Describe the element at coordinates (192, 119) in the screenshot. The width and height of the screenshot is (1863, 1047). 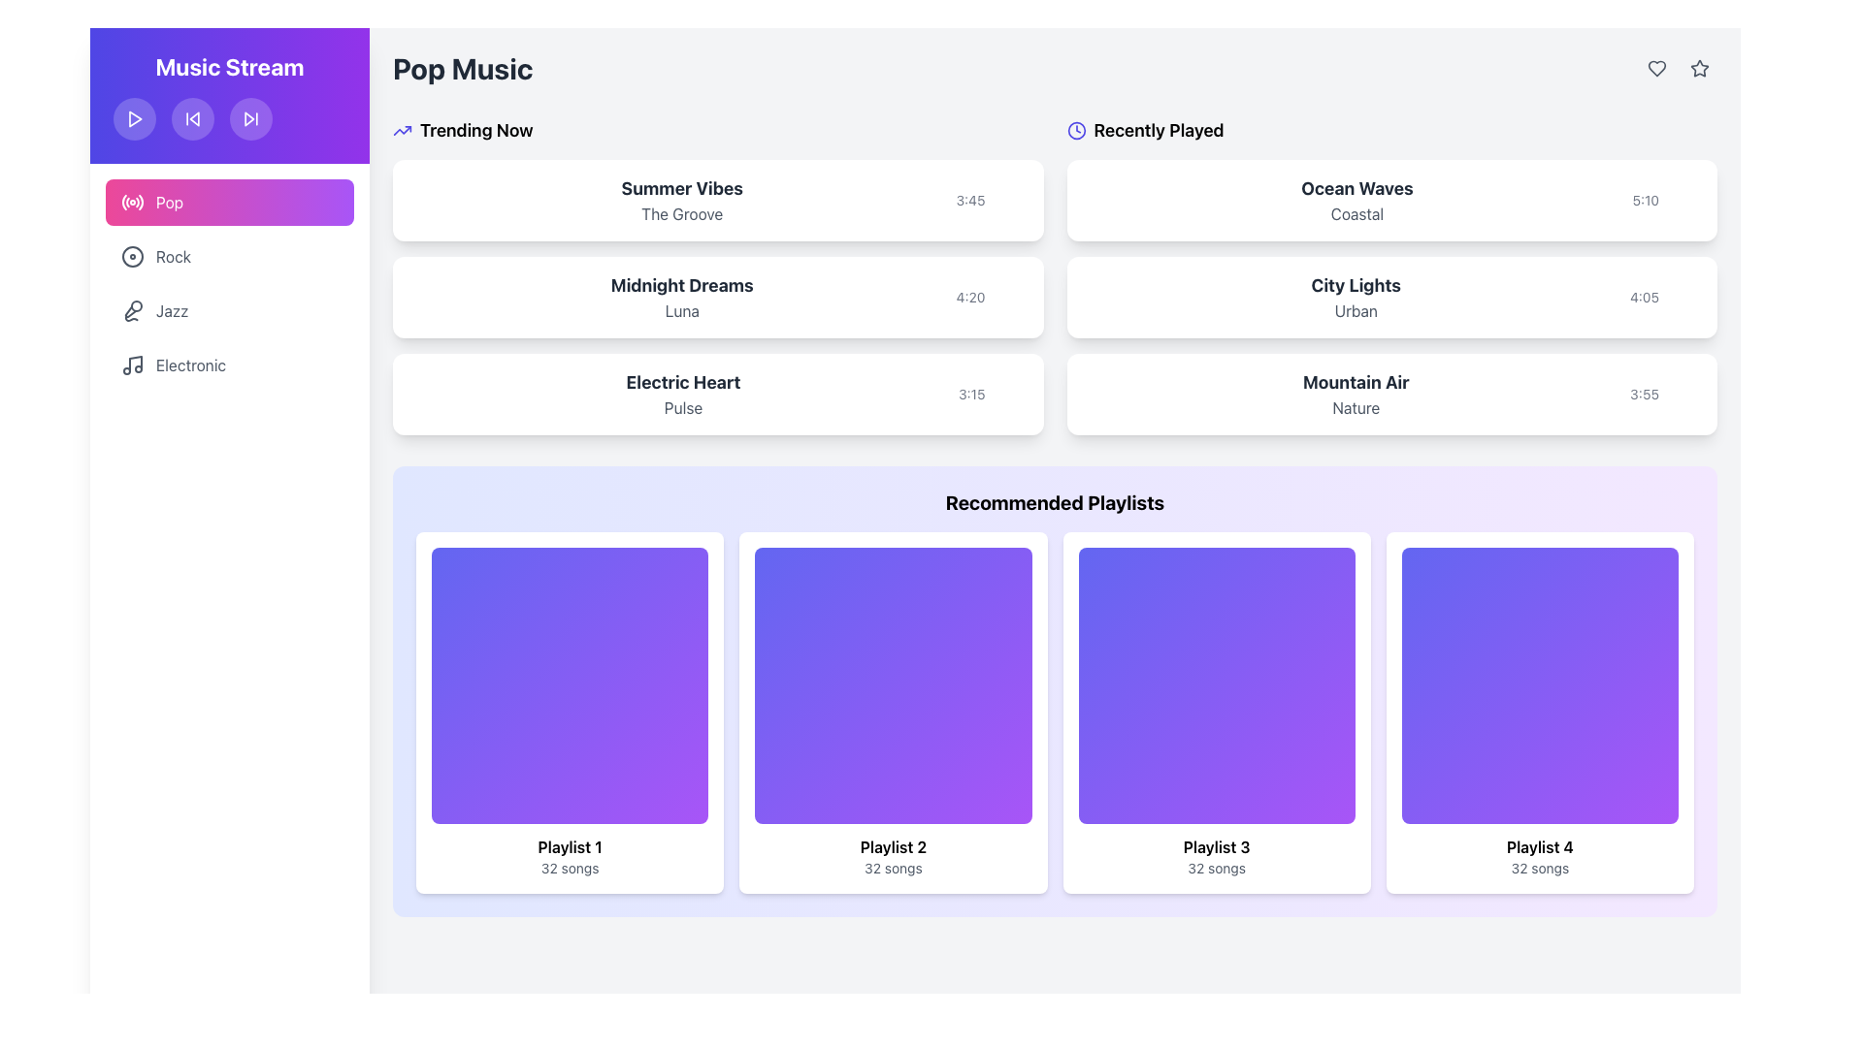
I see `the backward skip arrow button within the circular button to observe the hover transition effect` at that location.